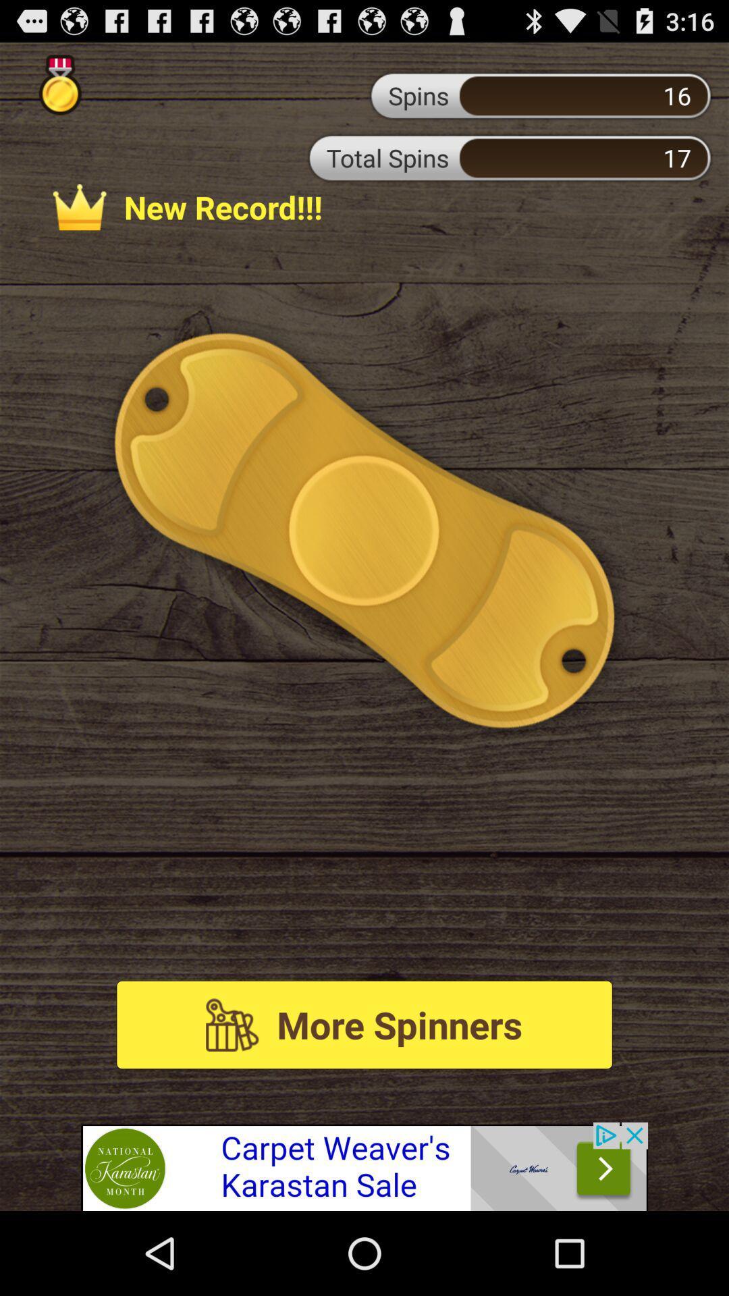  Describe the element at coordinates (364, 1166) in the screenshot. I see `advertisement about carpet weaver 's kaarastan sale` at that location.